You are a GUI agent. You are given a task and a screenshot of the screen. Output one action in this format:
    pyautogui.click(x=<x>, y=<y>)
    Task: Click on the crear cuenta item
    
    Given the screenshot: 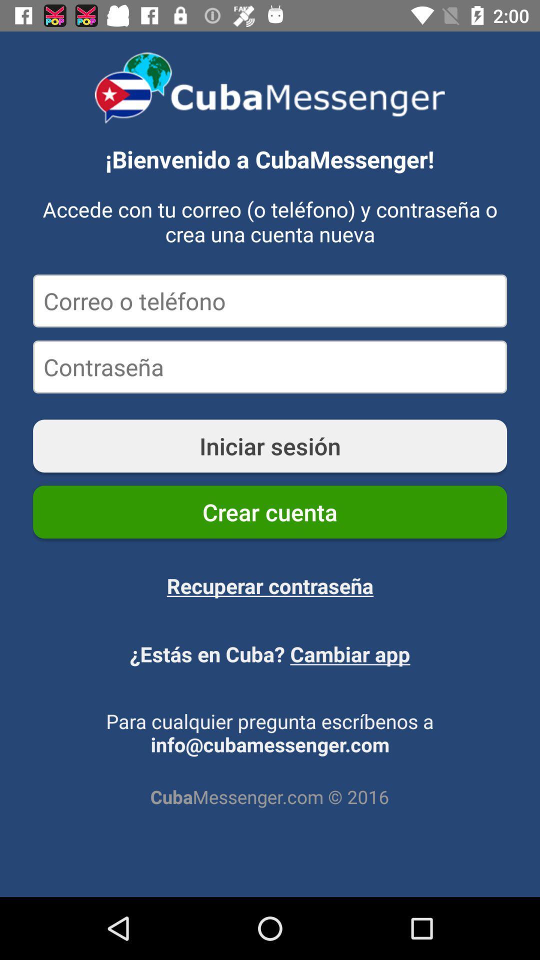 What is the action you would take?
    pyautogui.click(x=270, y=512)
    